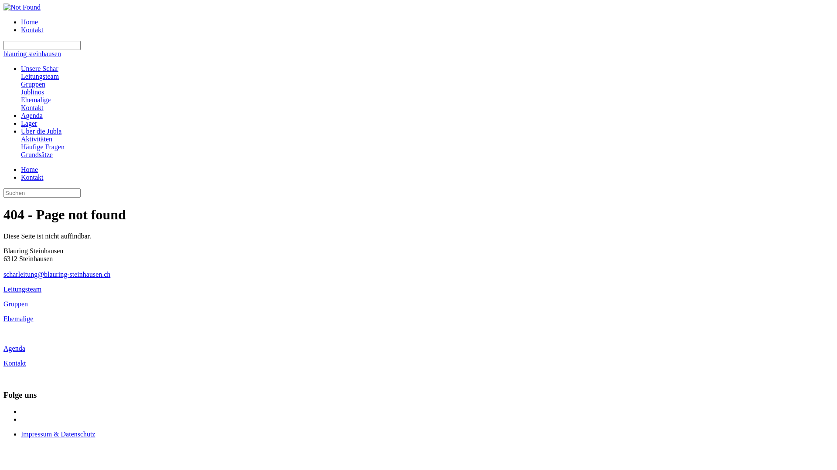 Image resolution: width=837 pixels, height=470 pixels. What do you see at coordinates (32, 54) in the screenshot?
I see `'blauring steinhausen'` at bounding box center [32, 54].